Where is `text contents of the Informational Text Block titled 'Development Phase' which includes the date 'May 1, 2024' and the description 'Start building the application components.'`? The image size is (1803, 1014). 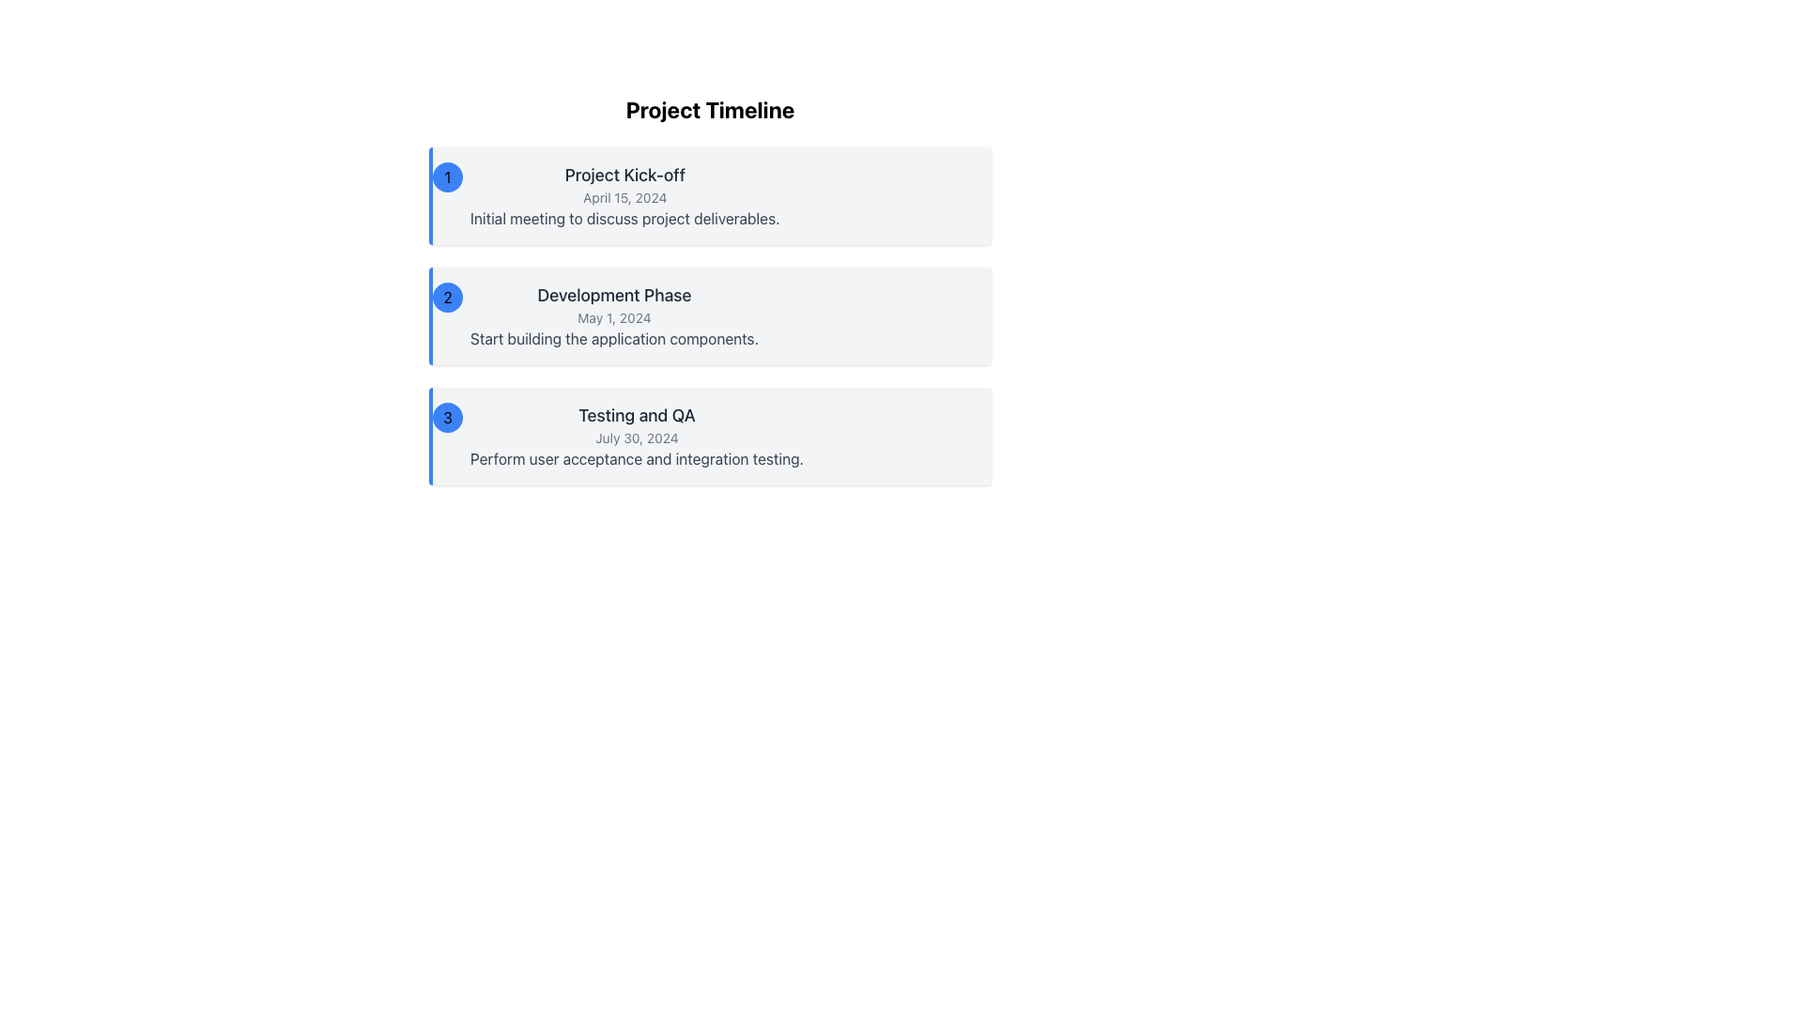 text contents of the Informational Text Block titled 'Development Phase' which includes the date 'May 1, 2024' and the description 'Start building the application components.' is located at coordinates (614, 315).